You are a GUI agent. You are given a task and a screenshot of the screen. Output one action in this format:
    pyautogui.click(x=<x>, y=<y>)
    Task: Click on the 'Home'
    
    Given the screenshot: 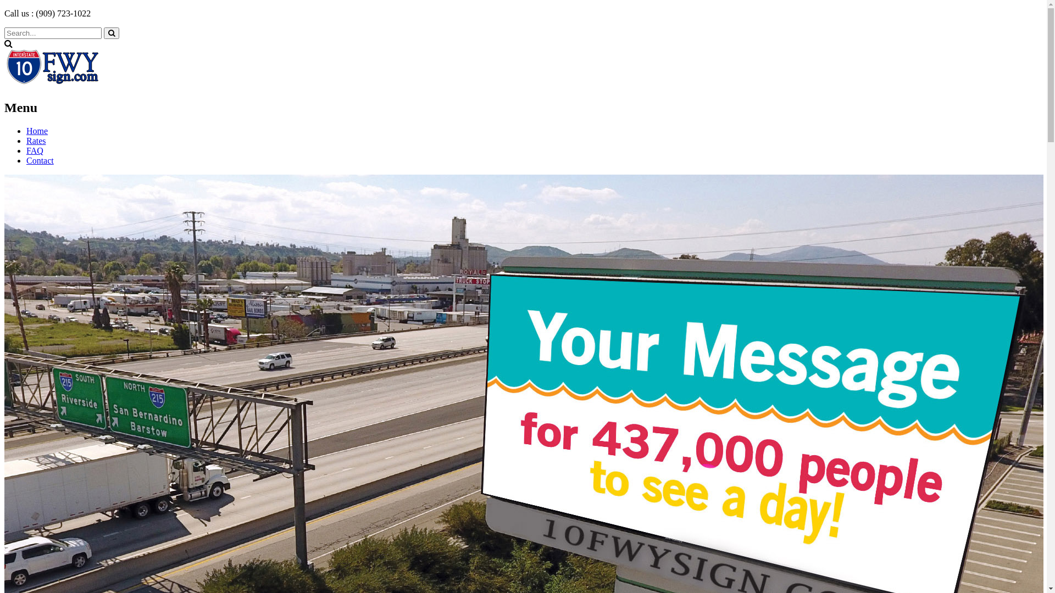 What is the action you would take?
    pyautogui.click(x=37, y=130)
    